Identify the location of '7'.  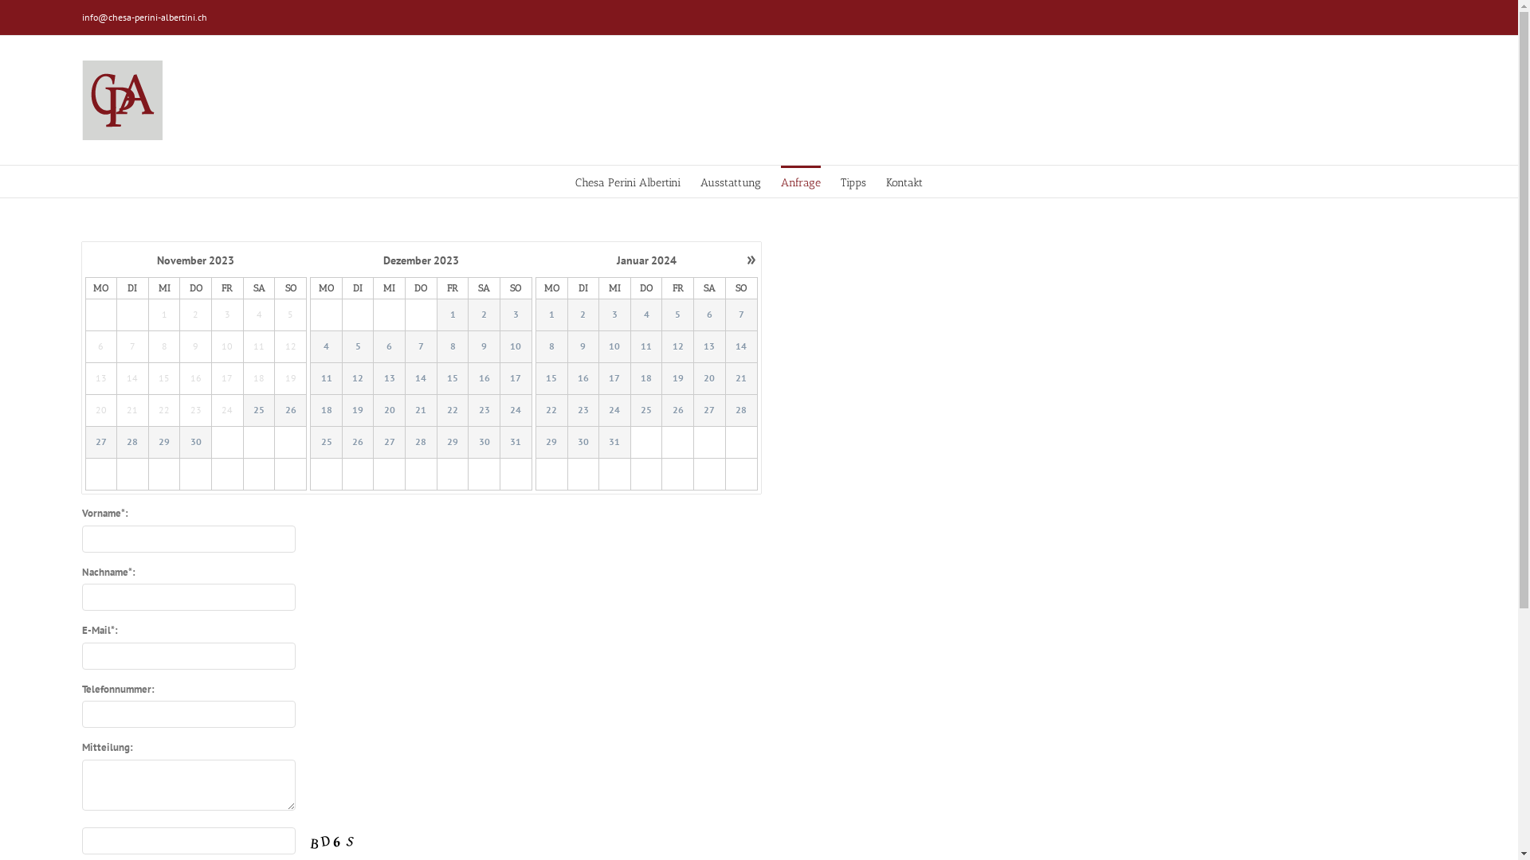
(421, 346).